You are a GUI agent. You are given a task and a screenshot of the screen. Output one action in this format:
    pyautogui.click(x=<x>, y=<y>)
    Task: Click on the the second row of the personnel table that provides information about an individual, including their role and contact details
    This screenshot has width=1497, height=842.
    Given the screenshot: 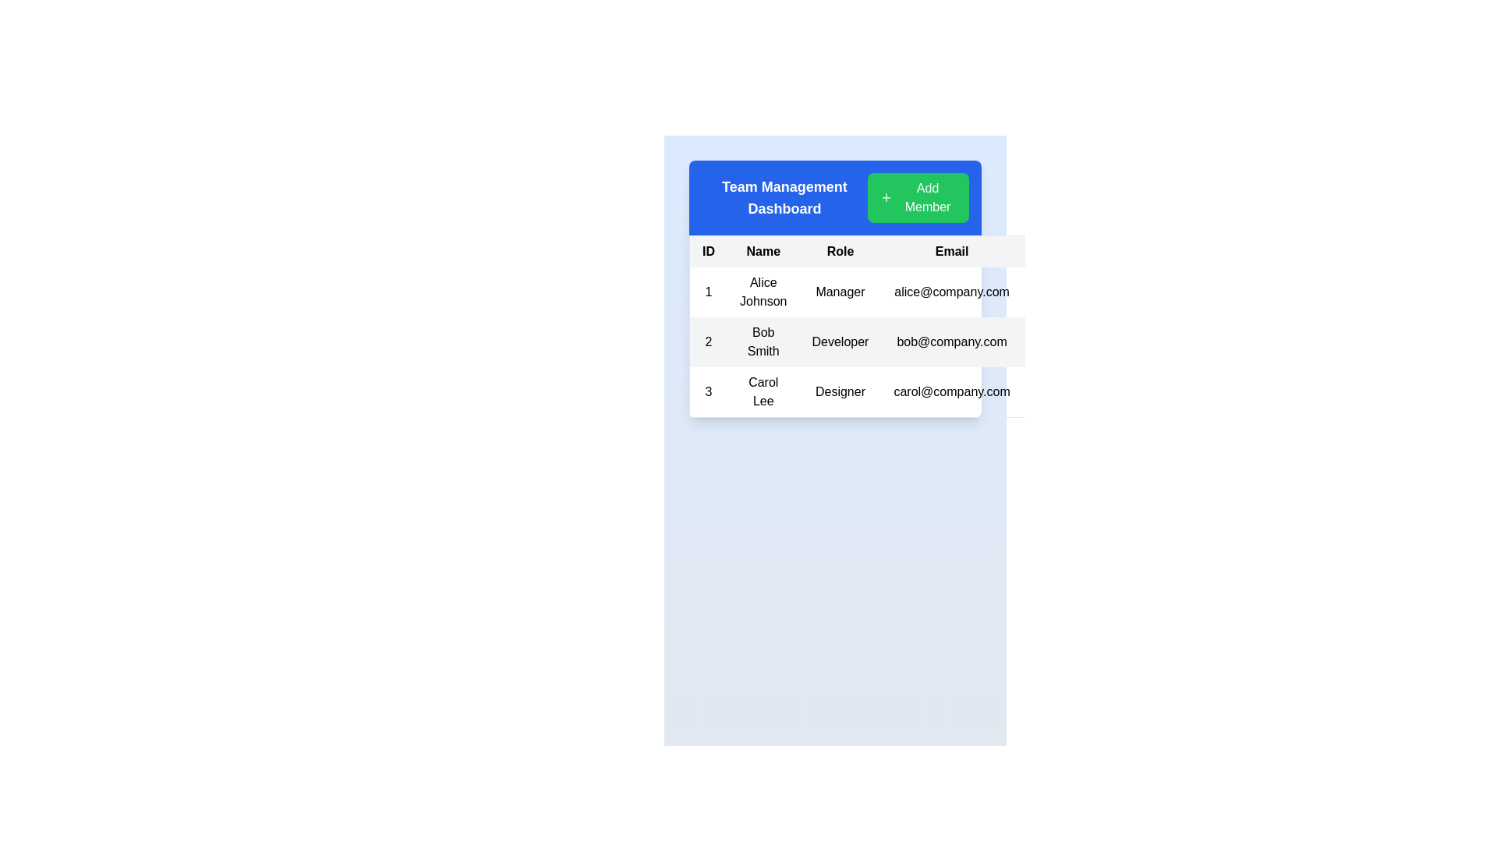 What is the action you would take?
    pyautogui.click(x=929, y=341)
    